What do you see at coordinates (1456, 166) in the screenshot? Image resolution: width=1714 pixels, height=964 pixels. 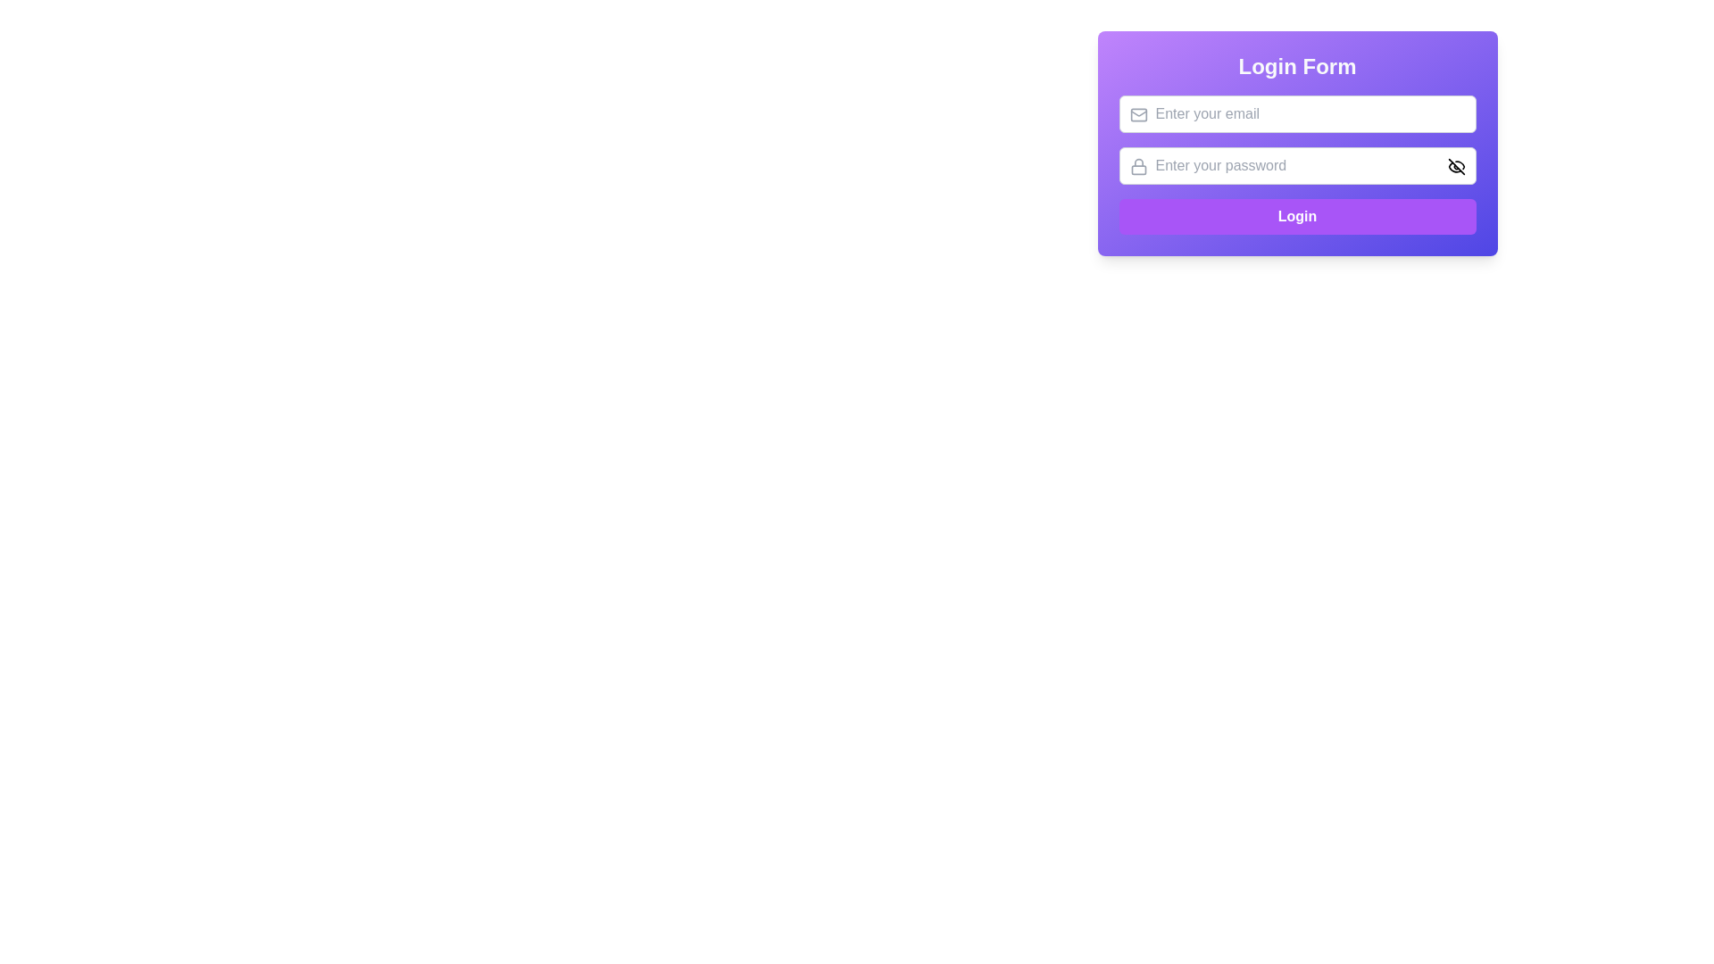 I see `the 'hidden eye' icon, which is styled with a thin stroke and located to the right of the password input field in the login form` at bounding box center [1456, 166].